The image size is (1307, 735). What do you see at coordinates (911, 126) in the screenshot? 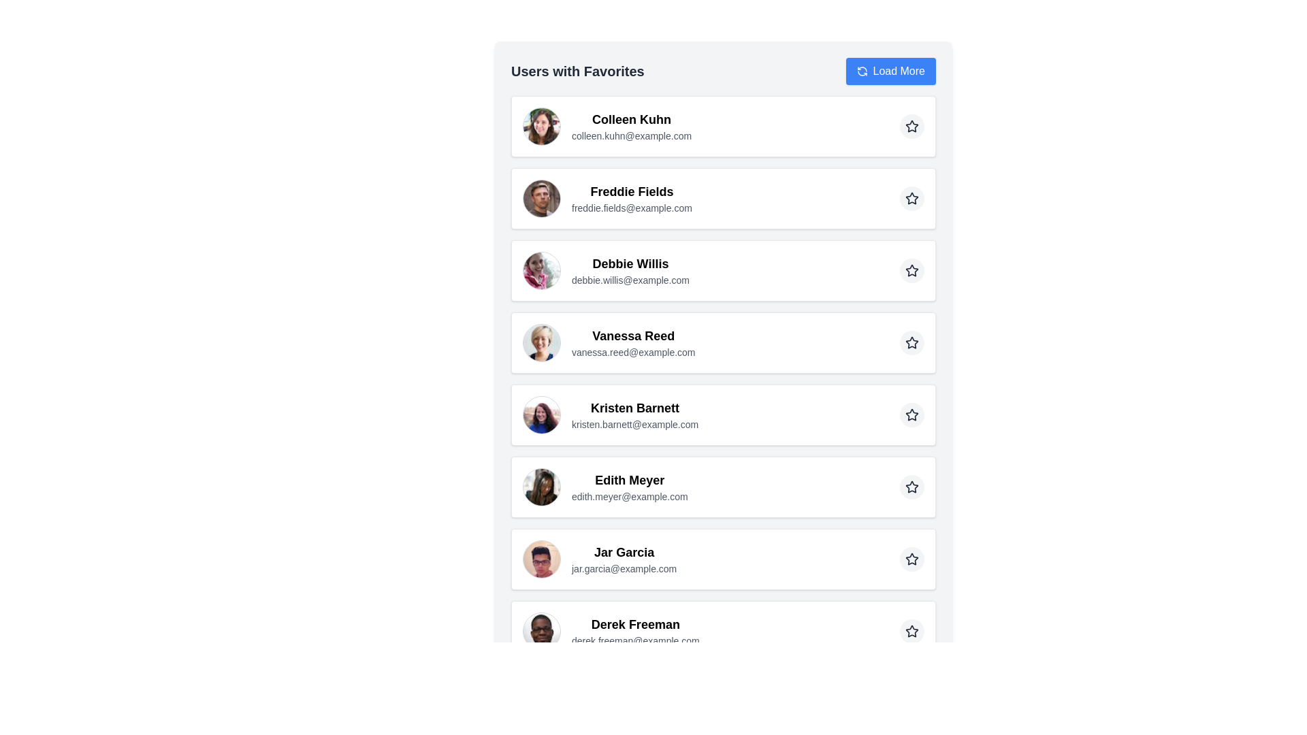
I see `the favorite toggle button located at the far right of the 'Colleen Kuhn' user row` at bounding box center [911, 126].